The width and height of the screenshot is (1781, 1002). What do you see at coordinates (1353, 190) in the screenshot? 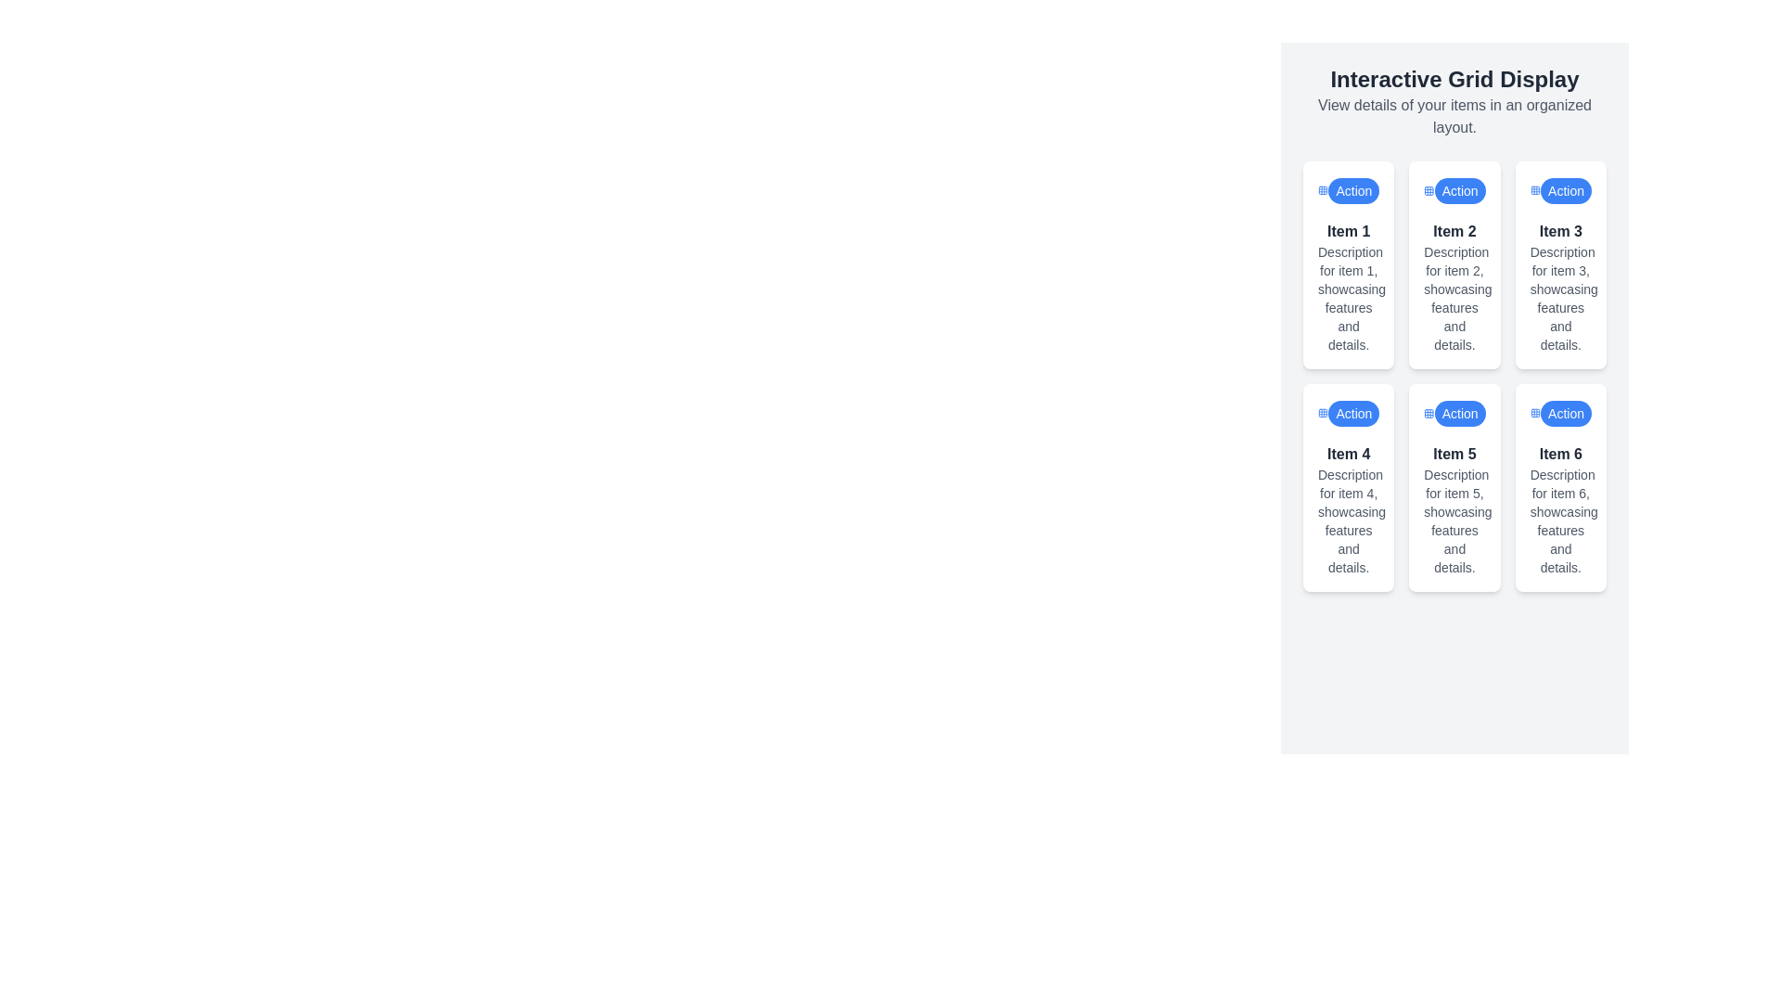
I see `the 'Action' button, which is a blue rounded button with white text, located in the top-left quadrant of the grid layout, positioned to the right of a grid icon and above the text section titled 'Item 1'` at bounding box center [1353, 190].